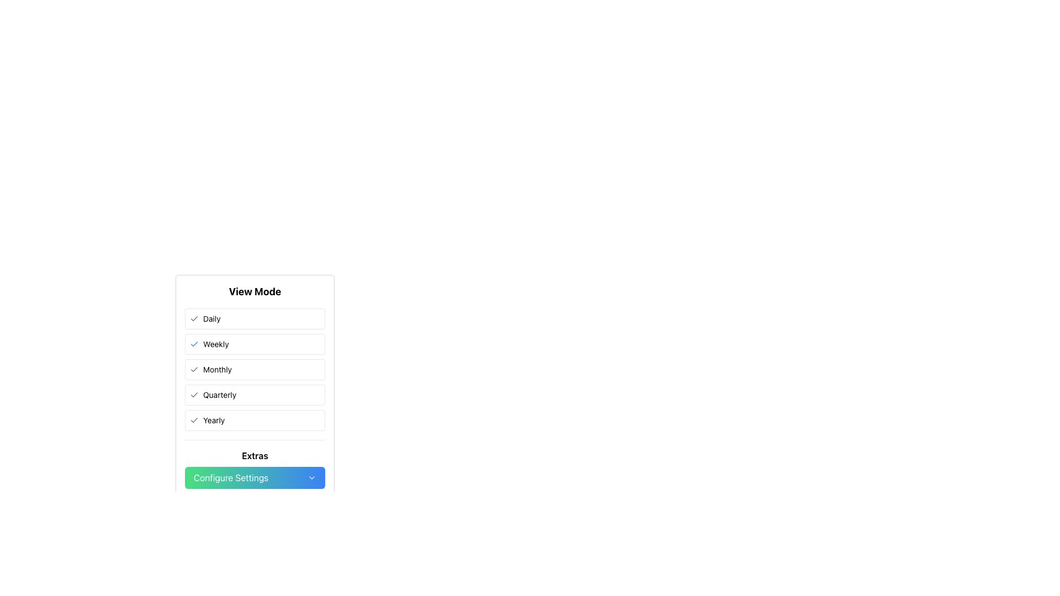 The image size is (1060, 596). Describe the element at coordinates (220, 395) in the screenshot. I see `the 'Quarterly' text label, which is the fourth item in the 'View Mode' selectable list` at that location.